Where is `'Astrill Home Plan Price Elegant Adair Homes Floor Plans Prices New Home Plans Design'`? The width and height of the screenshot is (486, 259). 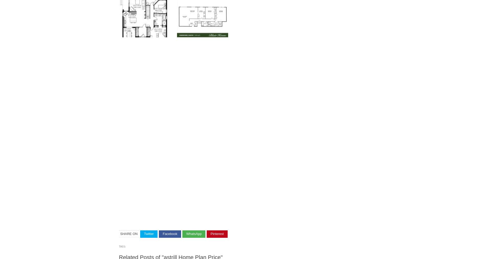
'Astrill Home Plan Price Elegant Adair Homes Floor Plans Prices New Home Plans Design' is located at coordinates (239, 216).